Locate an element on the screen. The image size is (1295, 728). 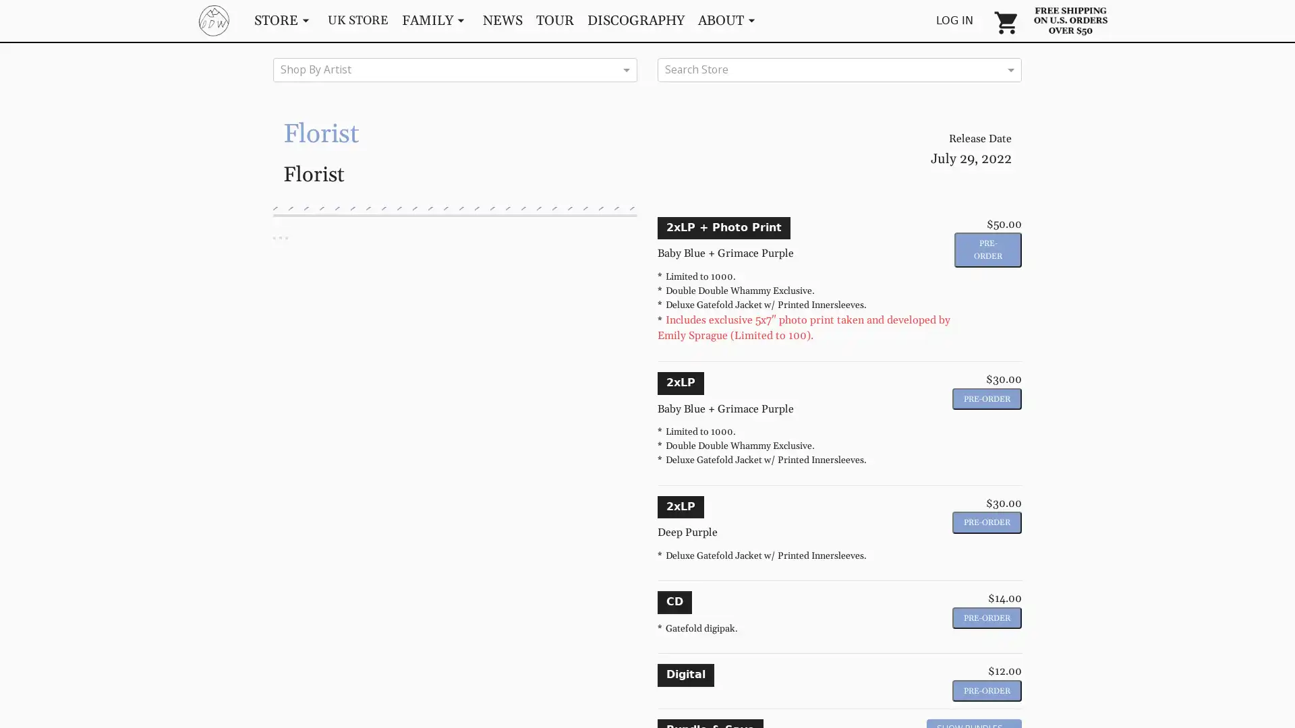
Pre-Order is located at coordinates (987, 617).